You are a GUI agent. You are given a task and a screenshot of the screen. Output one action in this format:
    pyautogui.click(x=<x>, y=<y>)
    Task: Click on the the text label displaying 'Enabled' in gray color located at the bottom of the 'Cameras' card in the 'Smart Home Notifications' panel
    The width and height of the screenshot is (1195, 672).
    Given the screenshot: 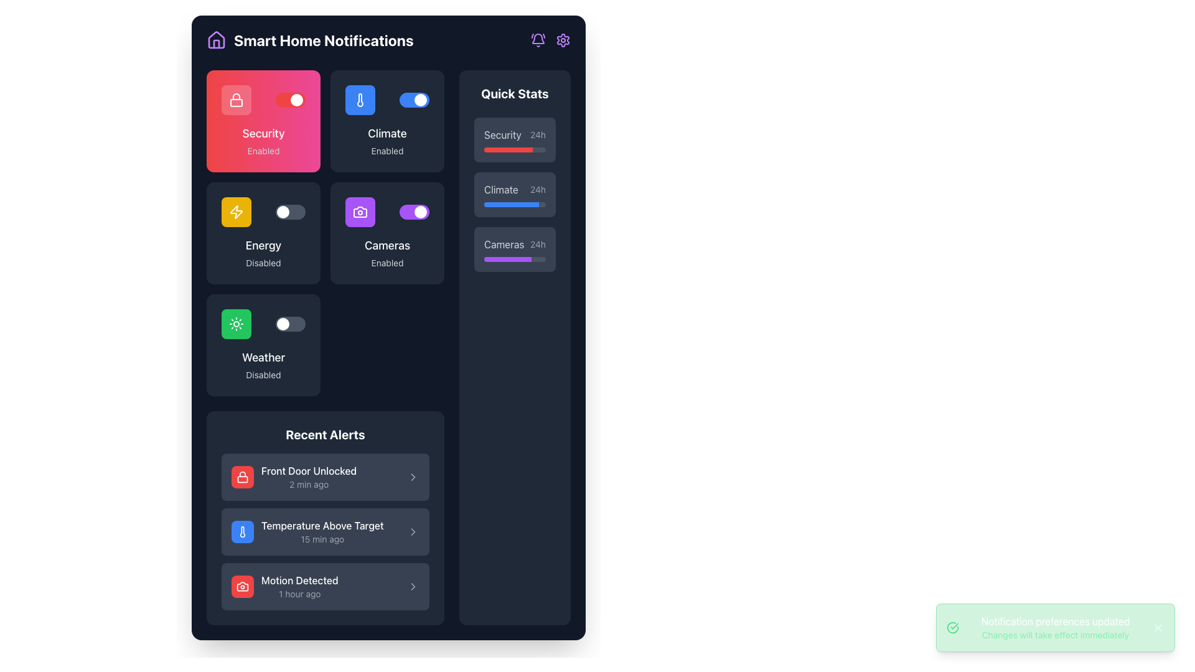 What is the action you would take?
    pyautogui.click(x=387, y=263)
    